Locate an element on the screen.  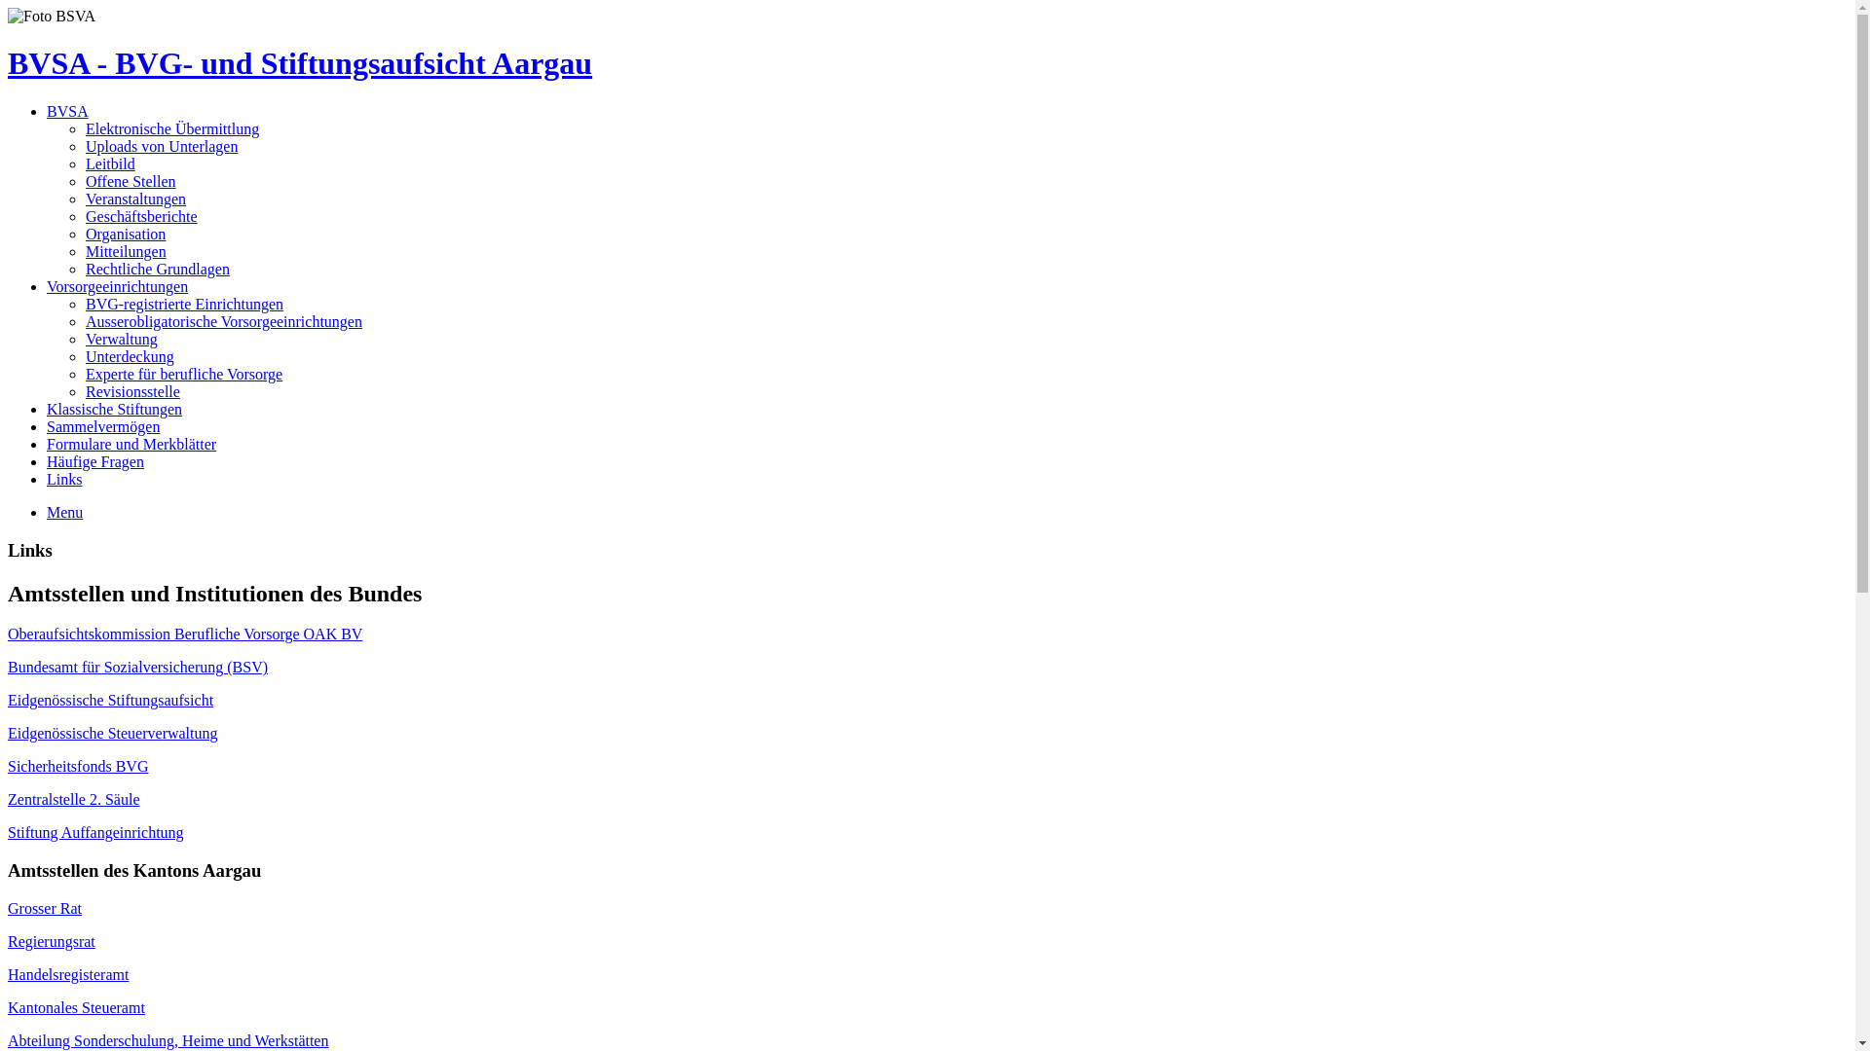
'Grosser Rat' is located at coordinates (45, 908).